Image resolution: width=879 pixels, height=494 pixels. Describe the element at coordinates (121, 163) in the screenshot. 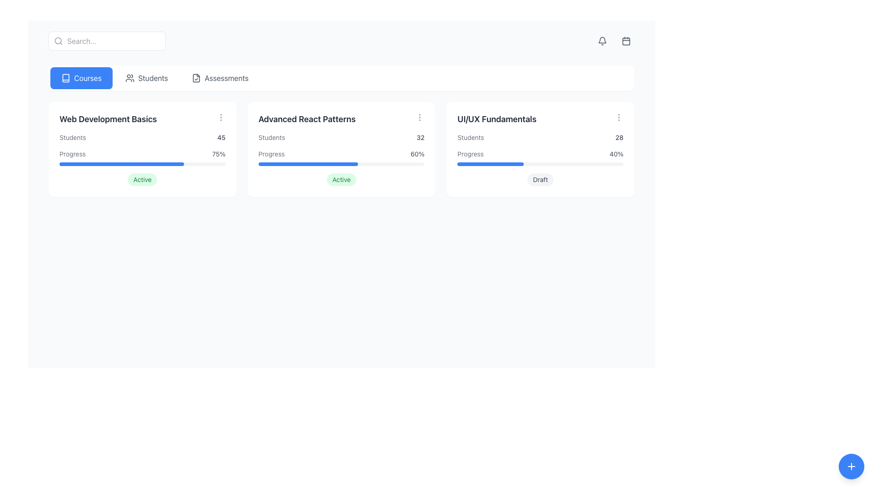

I see `the progress indicator bar that visually represents the 75% completion of the 'Web Development Basics' course, located beneath the 'Progress' label and above the 'Active' status badge` at that location.